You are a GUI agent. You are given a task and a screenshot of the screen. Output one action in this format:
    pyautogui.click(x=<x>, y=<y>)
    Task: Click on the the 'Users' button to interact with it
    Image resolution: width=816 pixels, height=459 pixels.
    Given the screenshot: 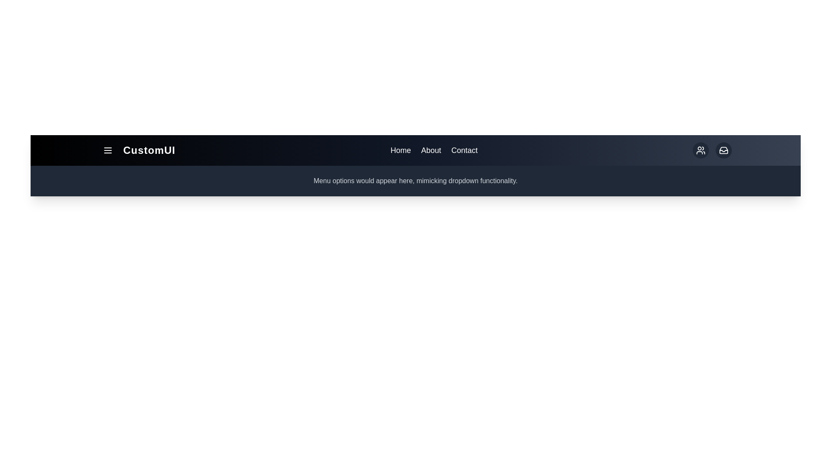 What is the action you would take?
    pyautogui.click(x=700, y=150)
    